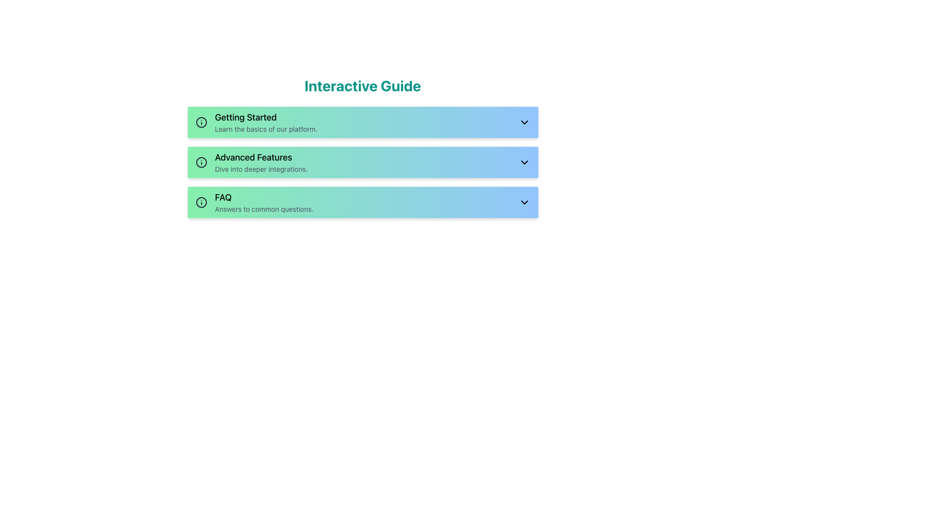  What do you see at coordinates (524, 162) in the screenshot?
I see `the chevron icon located near the right edge of the 'Advanced Features' section` at bounding box center [524, 162].